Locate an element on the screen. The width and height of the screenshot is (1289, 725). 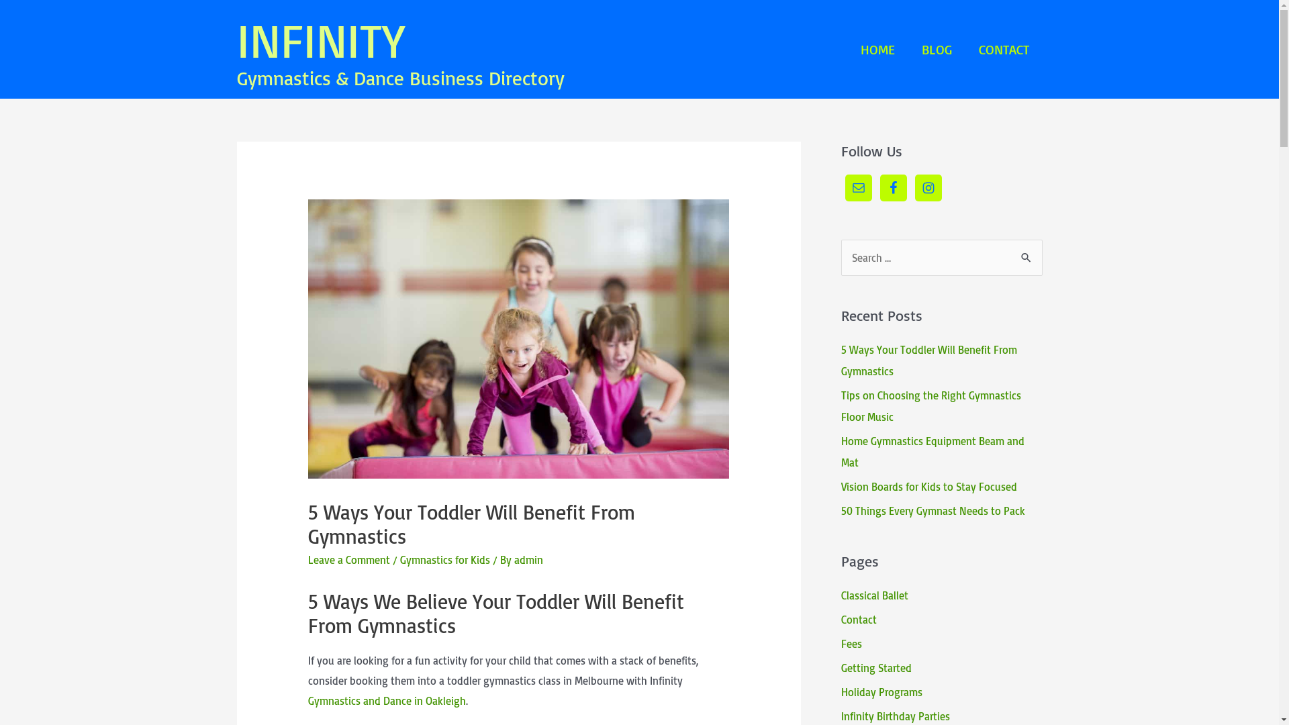
'Search' is located at coordinates (1012, 258).